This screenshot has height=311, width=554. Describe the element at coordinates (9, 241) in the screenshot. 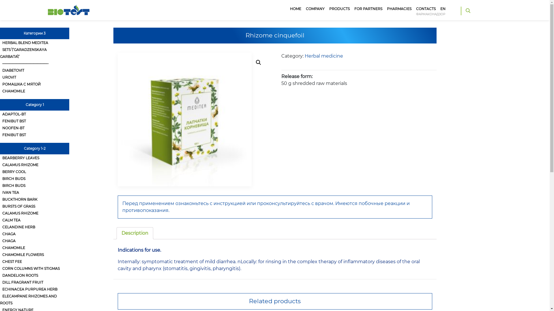

I see `'CHAGA'` at that location.